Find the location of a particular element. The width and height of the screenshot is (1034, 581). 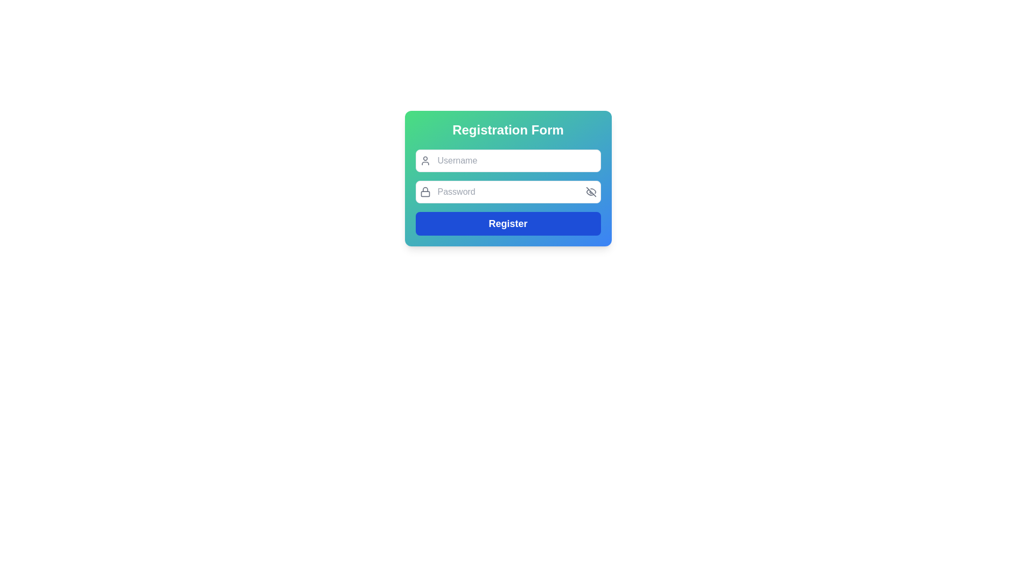

the second password input field in the 'Registration Form', located beneath the 'Username' field and above the 'Register' button is located at coordinates (507, 192).